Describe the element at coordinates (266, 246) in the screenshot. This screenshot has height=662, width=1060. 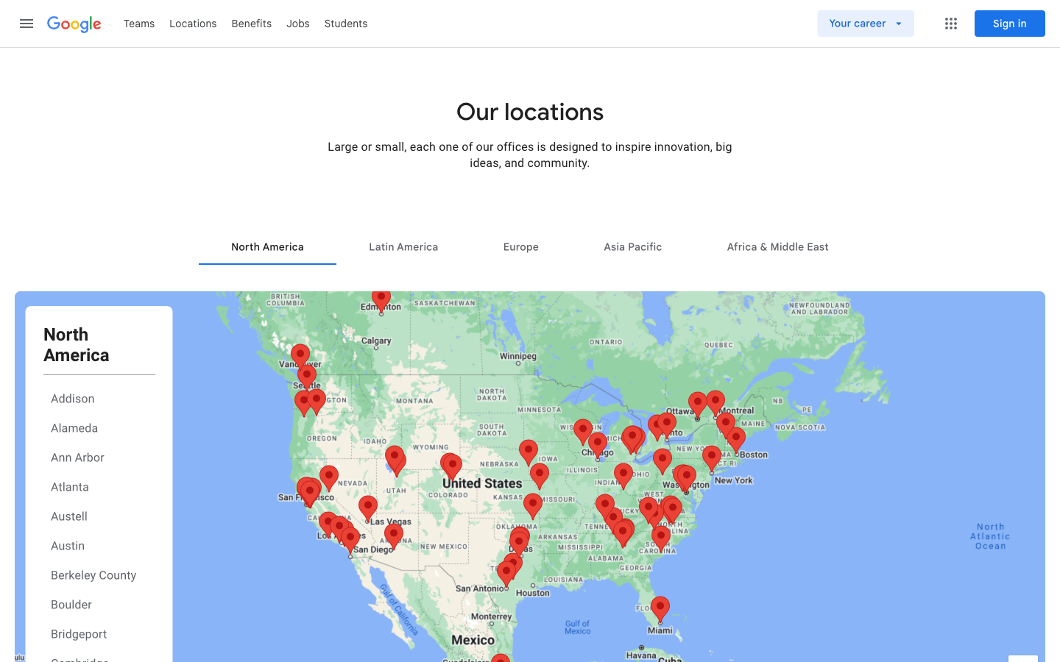
I see `the North America job section` at that location.